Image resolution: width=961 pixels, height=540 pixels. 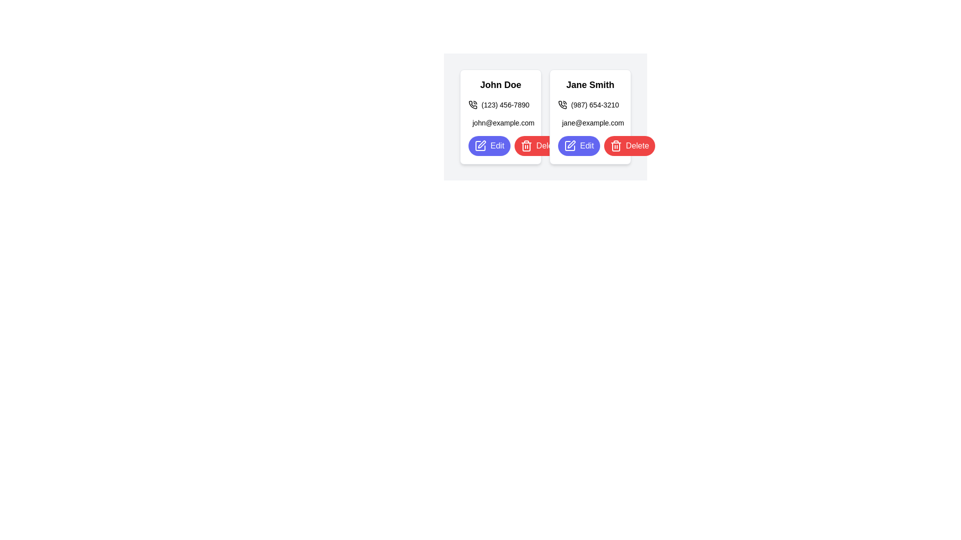 I want to click on the trash can icon within the 'Delete' button located in the user information card for 'Jane Smith', so click(x=615, y=146).